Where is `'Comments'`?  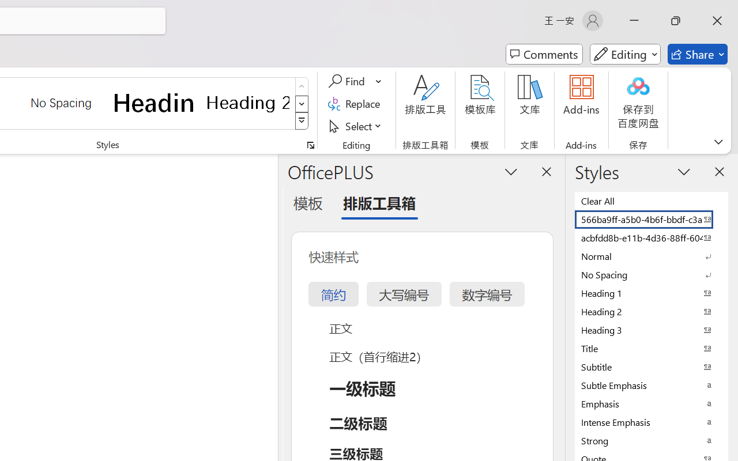 'Comments' is located at coordinates (544, 54).